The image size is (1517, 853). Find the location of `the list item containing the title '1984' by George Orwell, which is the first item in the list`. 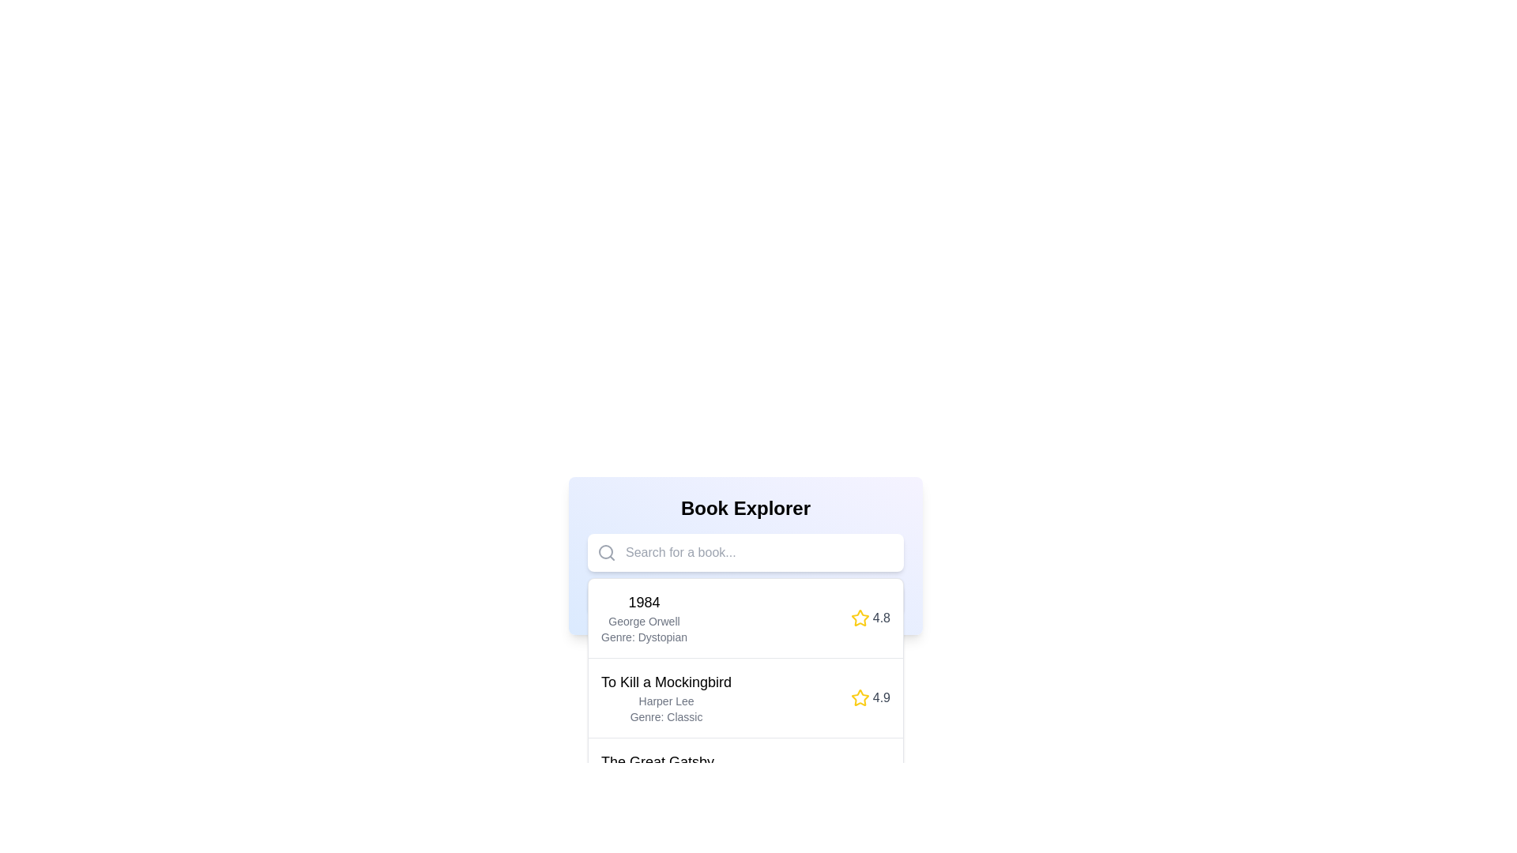

the list item containing the title '1984' by George Orwell, which is the first item in the list is located at coordinates (745, 618).